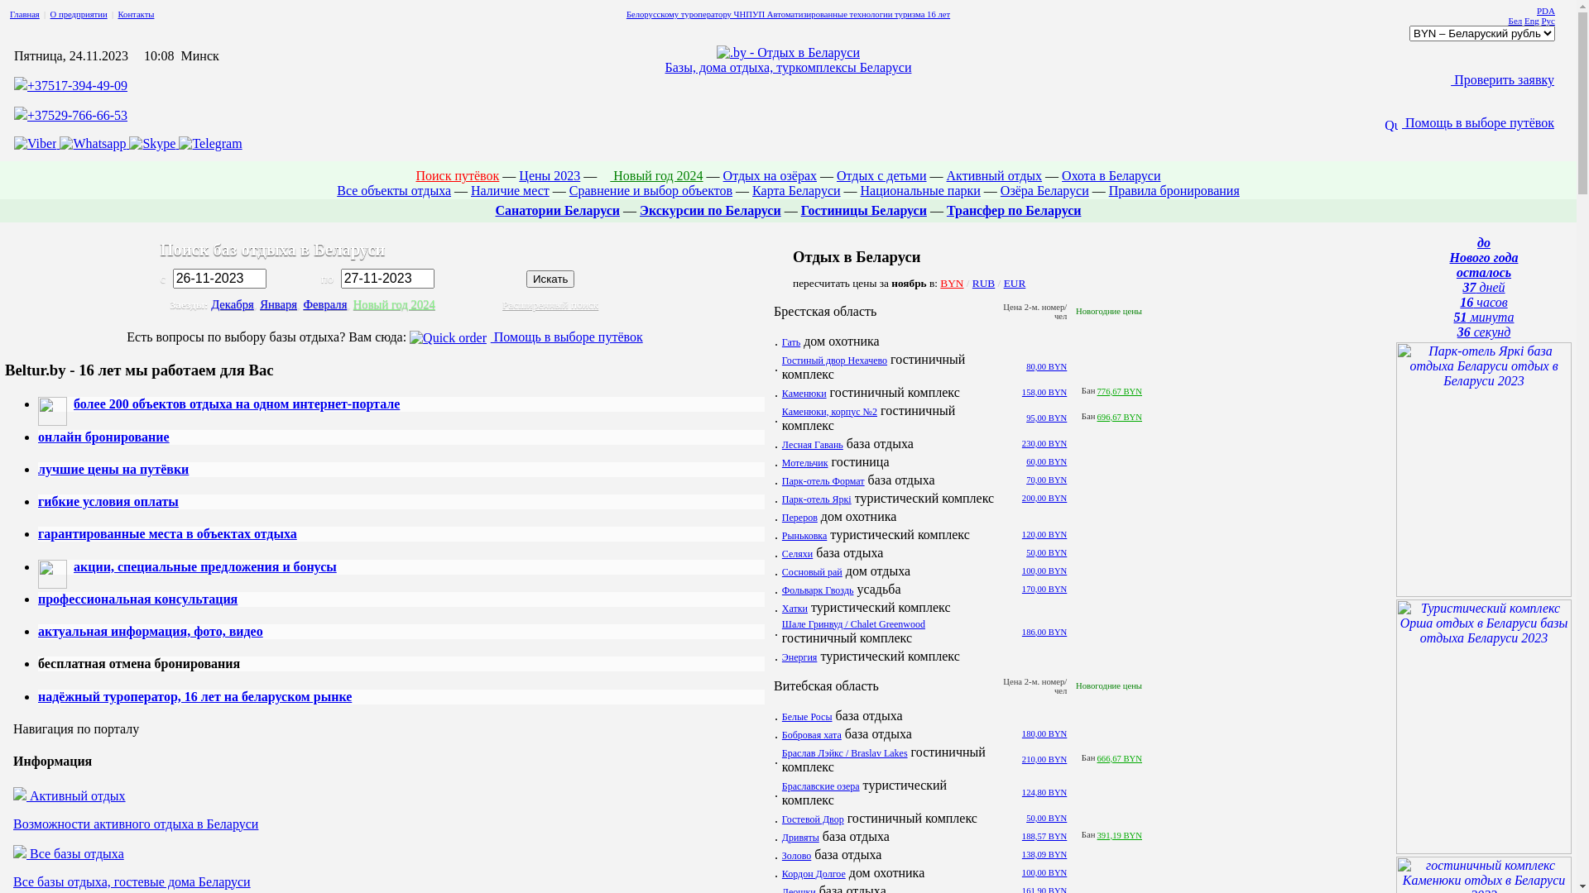 The width and height of the screenshot is (1589, 893). Describe the element at coordinates (1045, 417) in the screenshot. I see `'95,00 BYN'` at that location.